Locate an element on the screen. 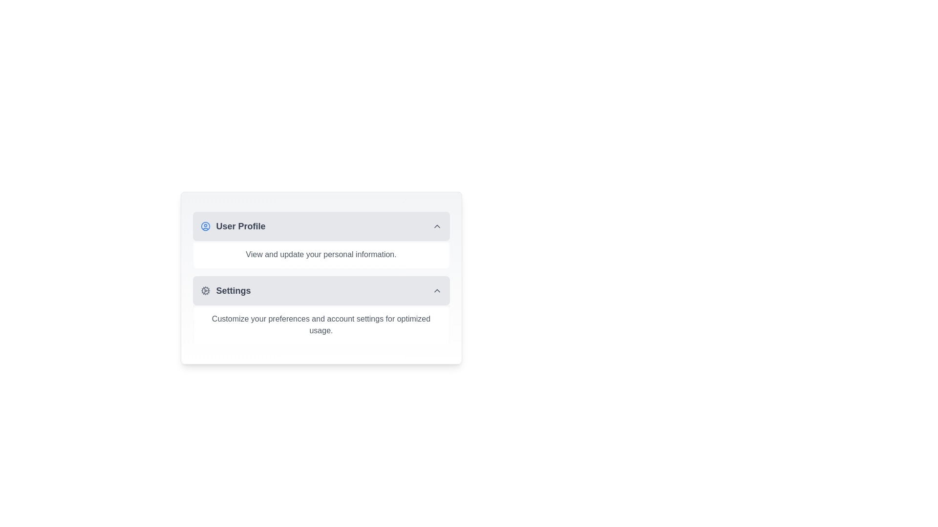 The width and height of the screenshot is (938, 527). the header text of the User Profile section is located at coordinates (232, 226).